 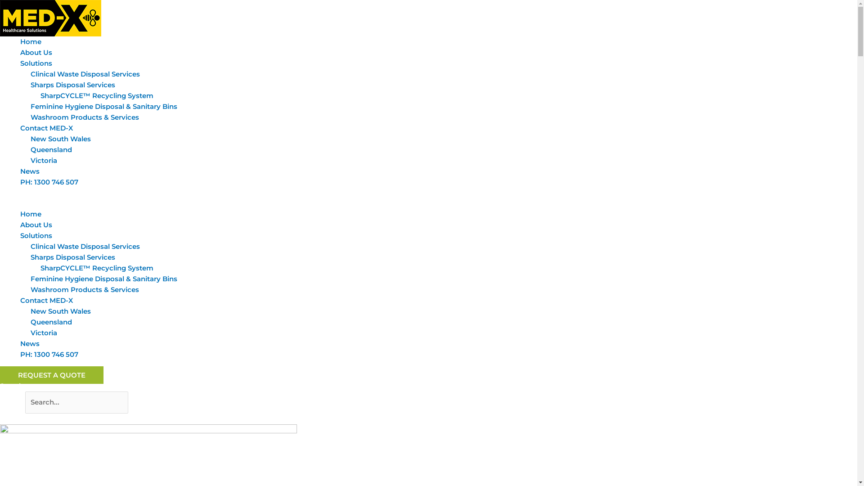 What do you see at coordinates (30, 343) in the screenshot?
I see `'News'` at bounding box center [30, 343].